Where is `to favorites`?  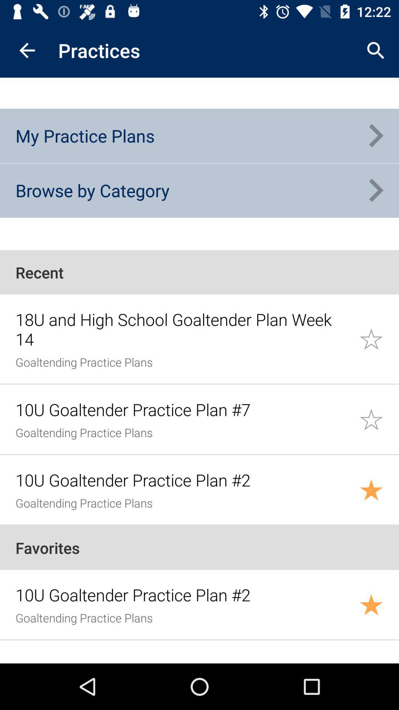
to favorites is located at coordinates (379, 338).